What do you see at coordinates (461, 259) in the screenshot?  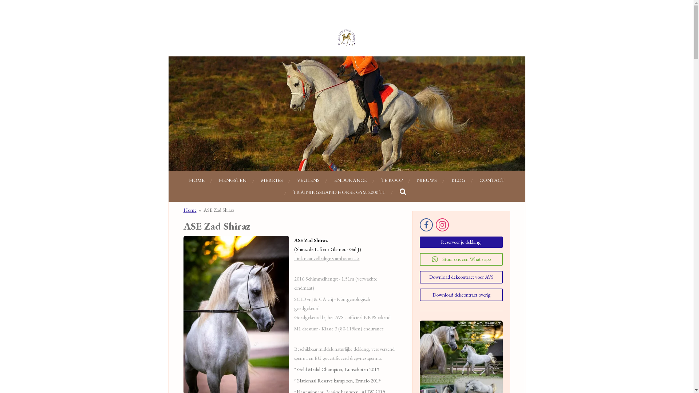 I see `'Stuur ons een What's app'` at bounding box center [461, 259].